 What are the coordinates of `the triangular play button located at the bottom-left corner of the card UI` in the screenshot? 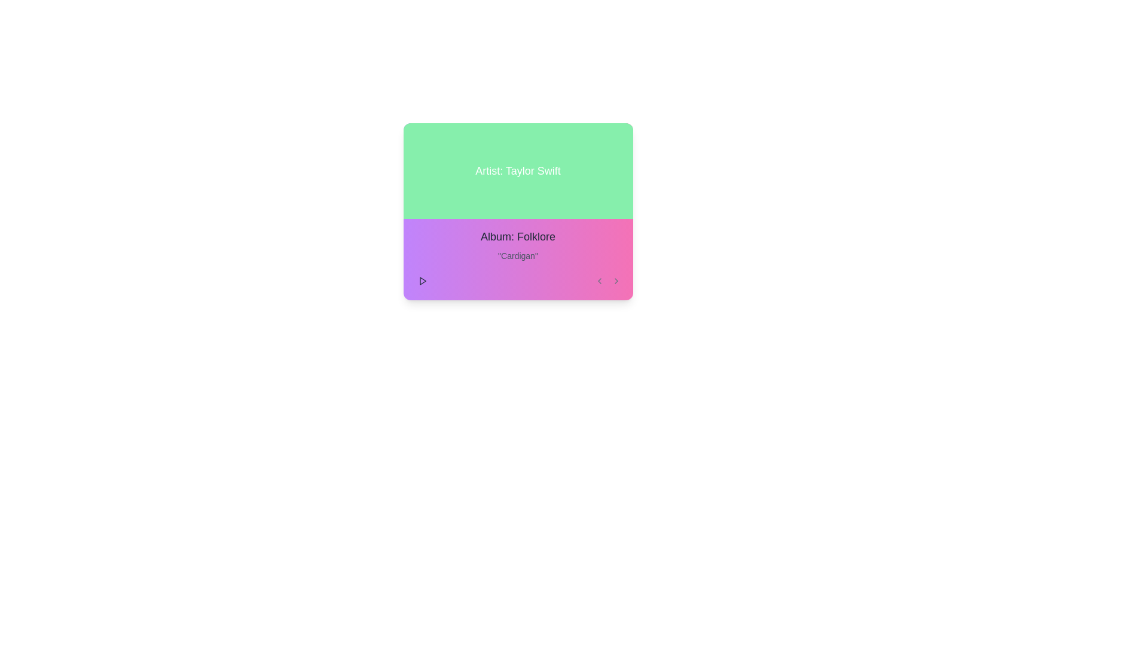 It's located at (423, 281).